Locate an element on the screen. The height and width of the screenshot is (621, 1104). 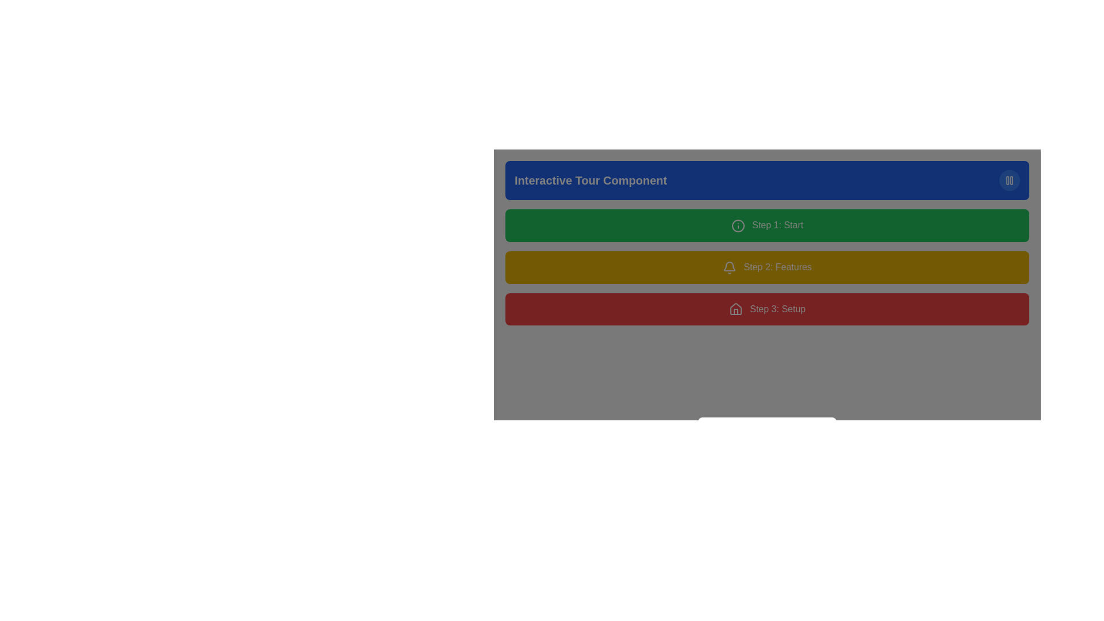
the circular button with a blue background and a pause symbol icon located at the top-right corner of the header labeled 'Interactive Tour Component' to change its appearance is located at coordinates (1009, 180).